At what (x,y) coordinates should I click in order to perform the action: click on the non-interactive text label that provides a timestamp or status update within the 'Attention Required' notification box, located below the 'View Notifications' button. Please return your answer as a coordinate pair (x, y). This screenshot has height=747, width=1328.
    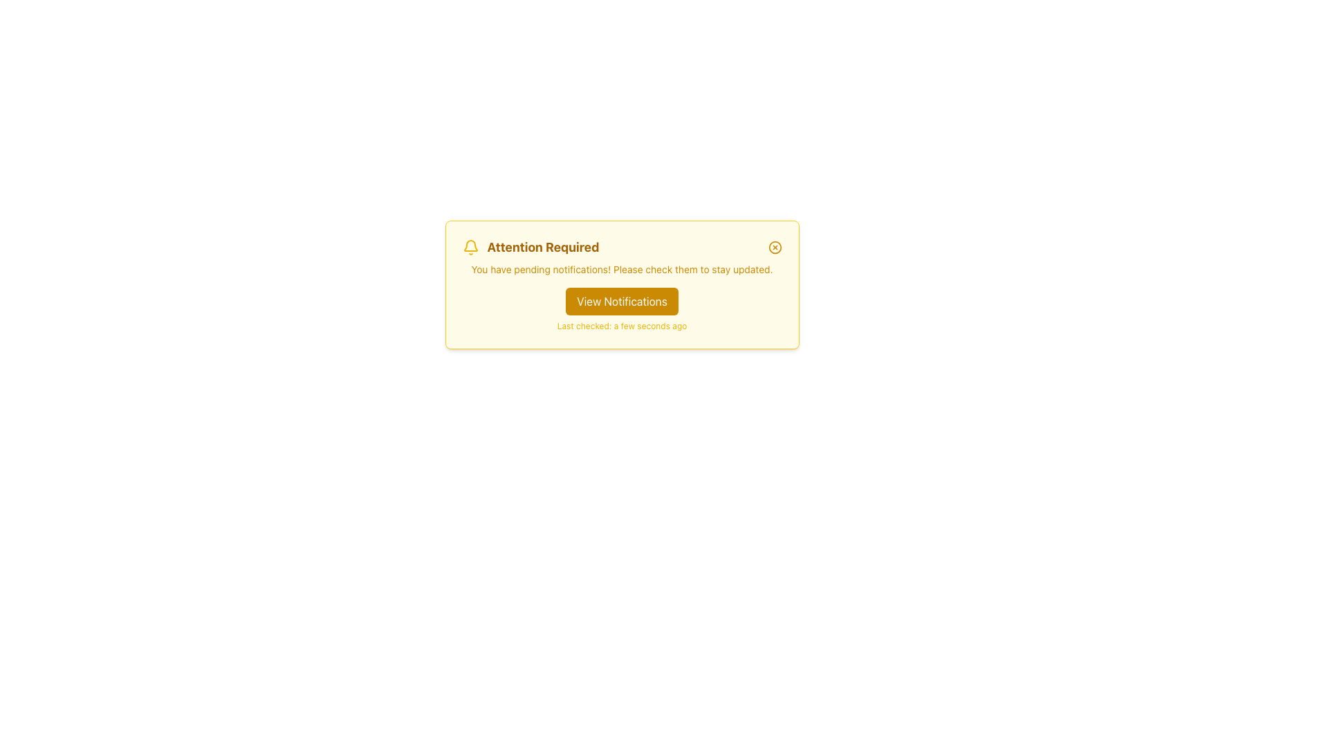
    Looking at the image, I should click on (621, 326).